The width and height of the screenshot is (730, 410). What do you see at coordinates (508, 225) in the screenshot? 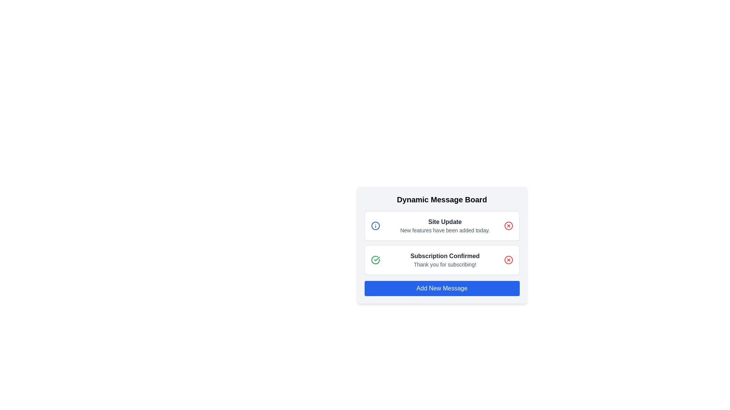
I see `the Icon button located at the top right corner of the 'Site Update' section, which dismisses the notification about new features` at bounding box center [508, 225].